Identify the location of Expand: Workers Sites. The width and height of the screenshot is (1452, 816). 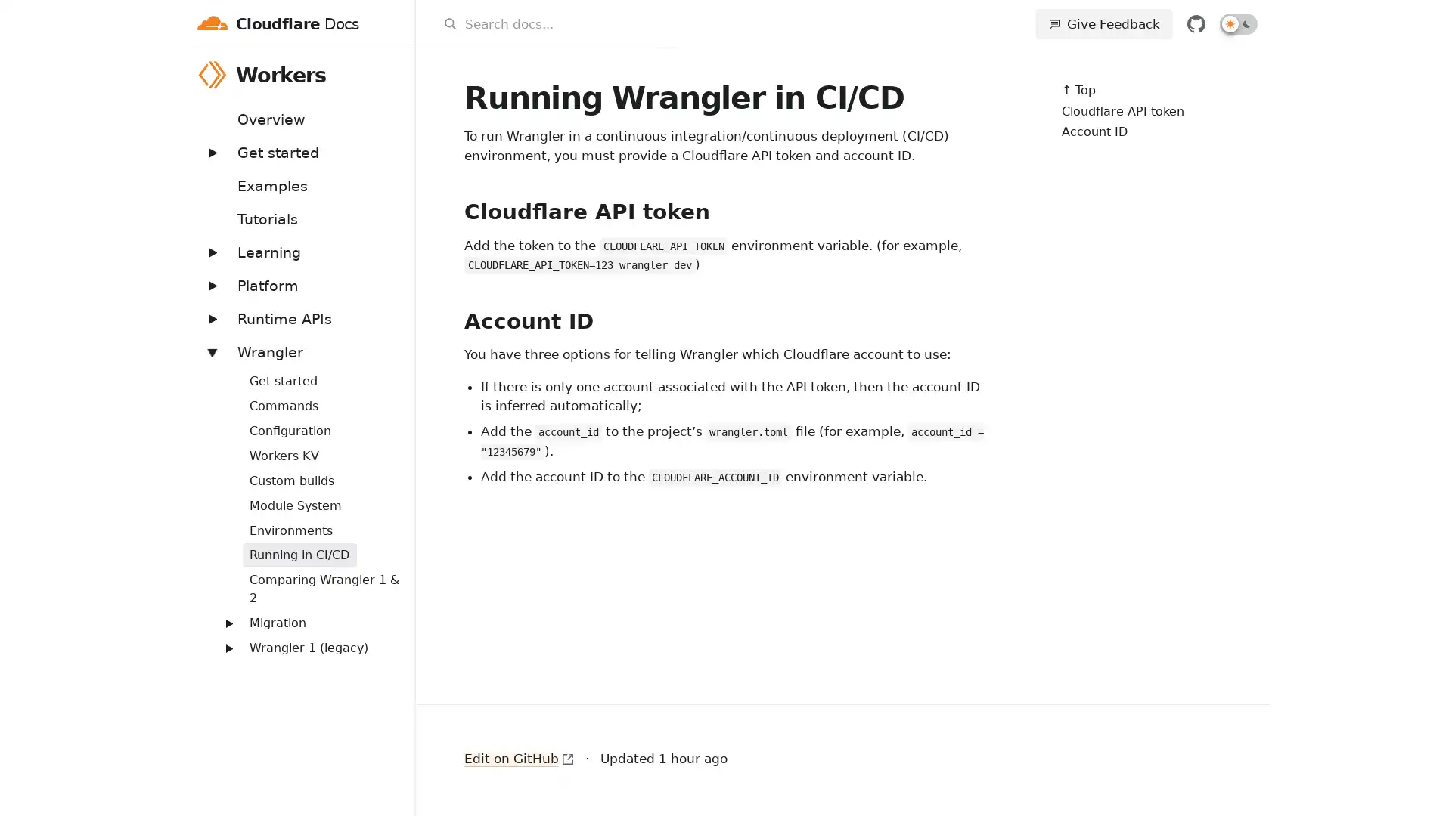
(220, 688).